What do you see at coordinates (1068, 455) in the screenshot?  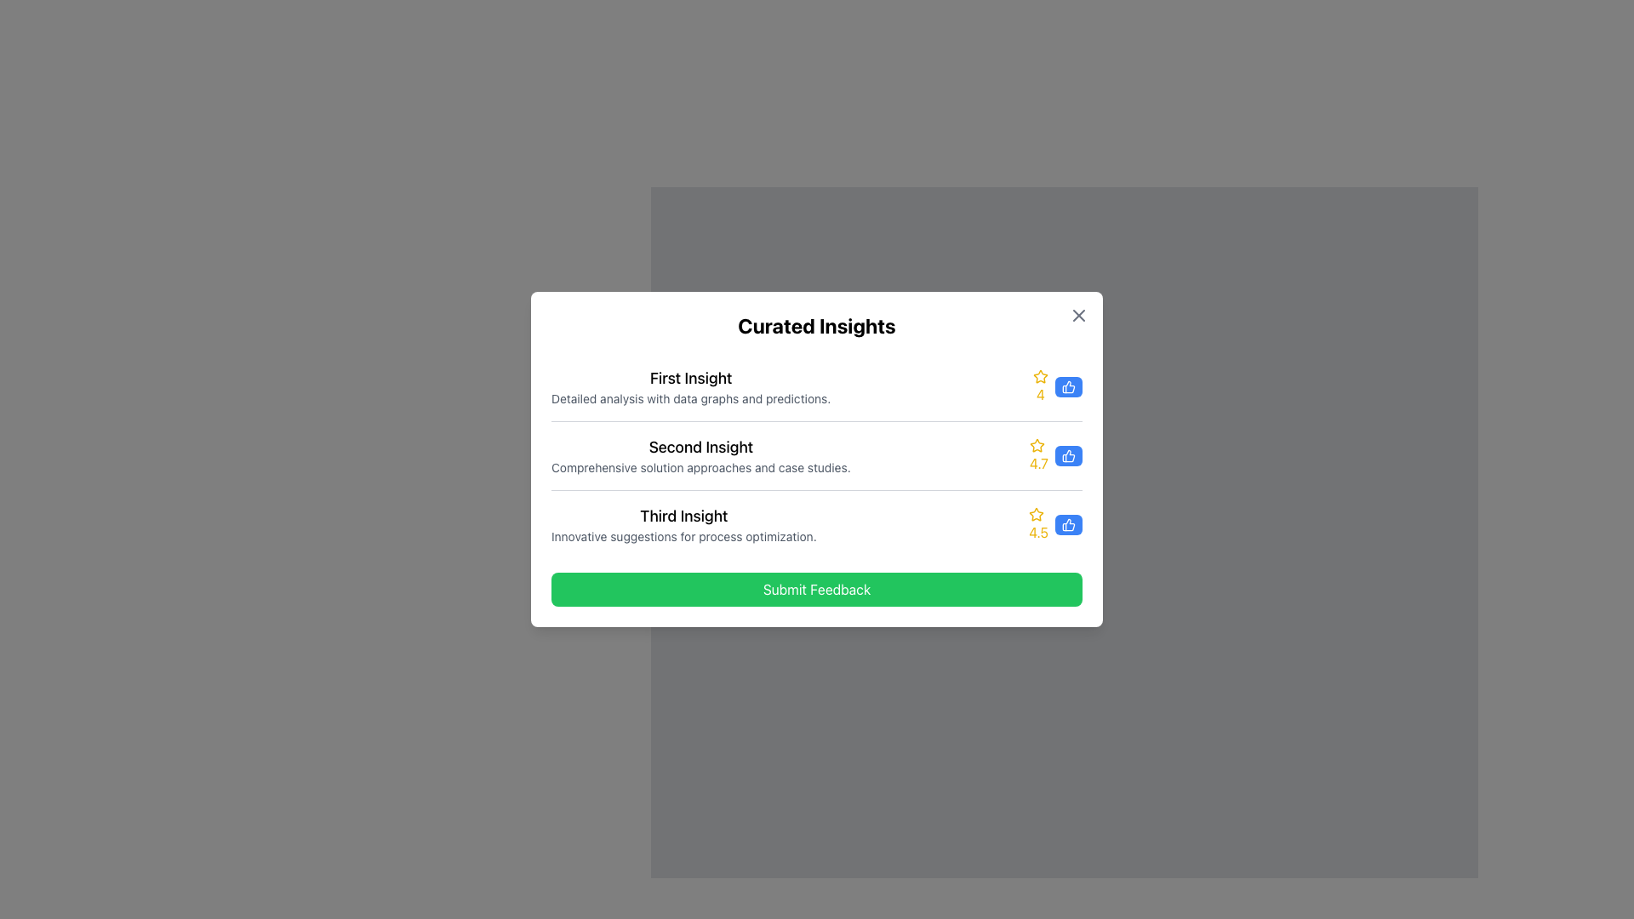 I see `the thumbs-up icon button with a blue background to register a positive vote` at bounding box center [1068, 455].